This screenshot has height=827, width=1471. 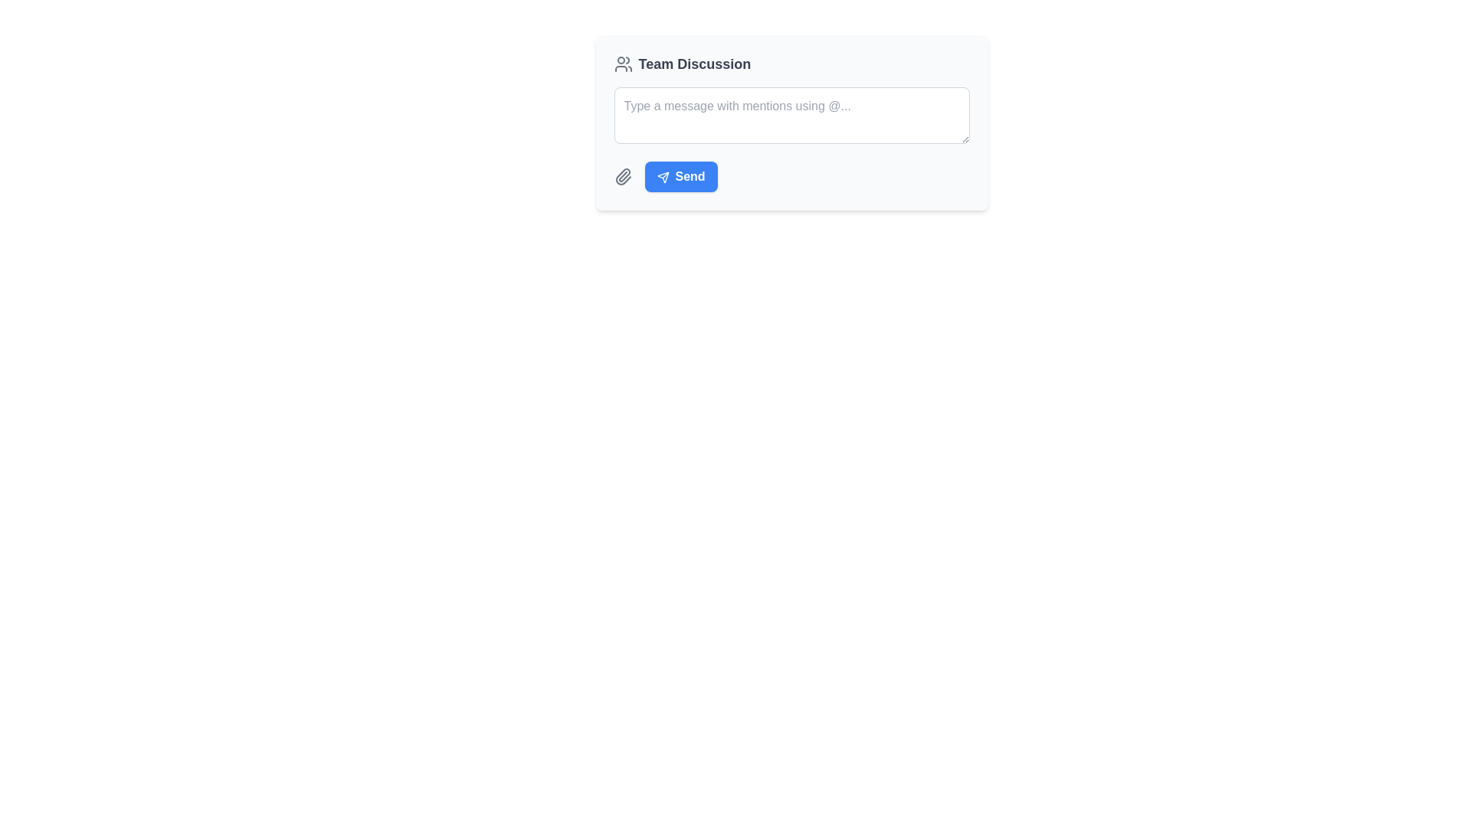 What do you see at coordinates (680, 176) in the screenshot?
I see `the blue 'Send' button with a white arrow icon` at bounding box center [680, 176].